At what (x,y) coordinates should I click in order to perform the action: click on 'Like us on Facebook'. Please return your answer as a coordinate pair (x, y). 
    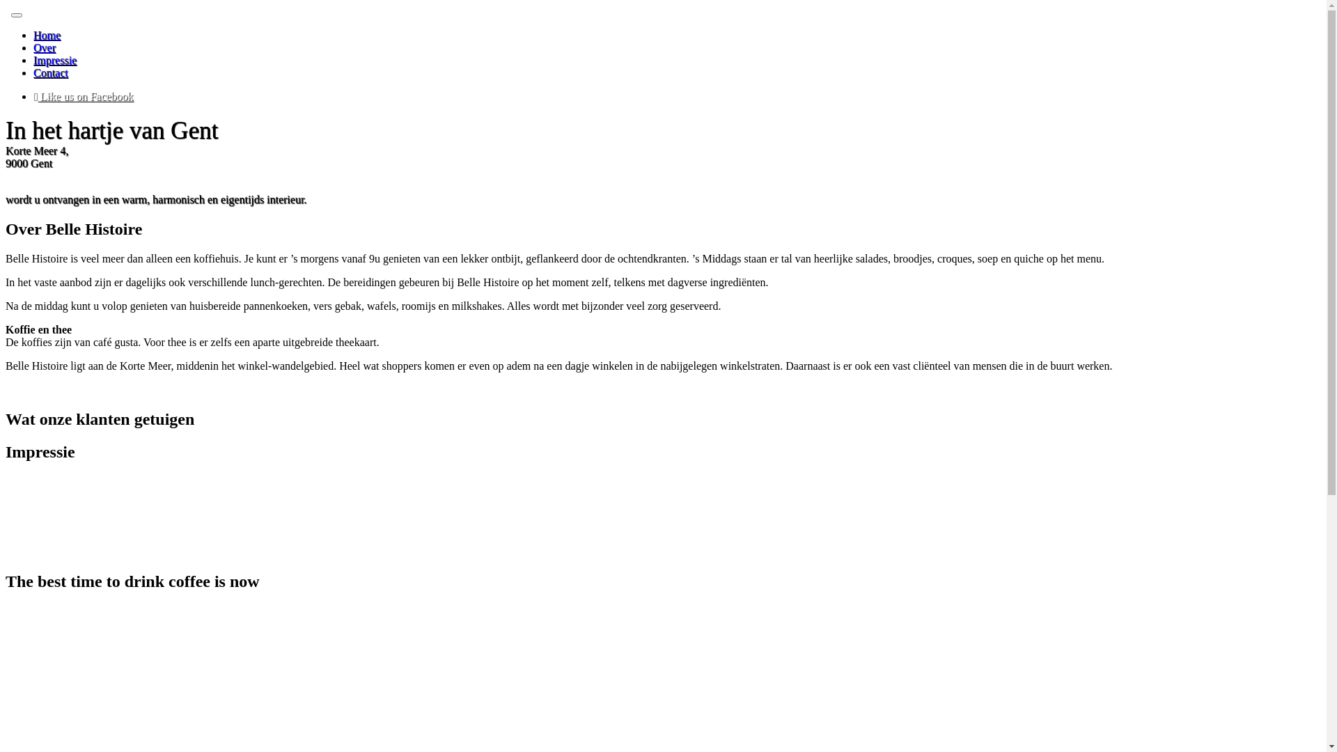
    Looking at the image, I should click on (83, 95).